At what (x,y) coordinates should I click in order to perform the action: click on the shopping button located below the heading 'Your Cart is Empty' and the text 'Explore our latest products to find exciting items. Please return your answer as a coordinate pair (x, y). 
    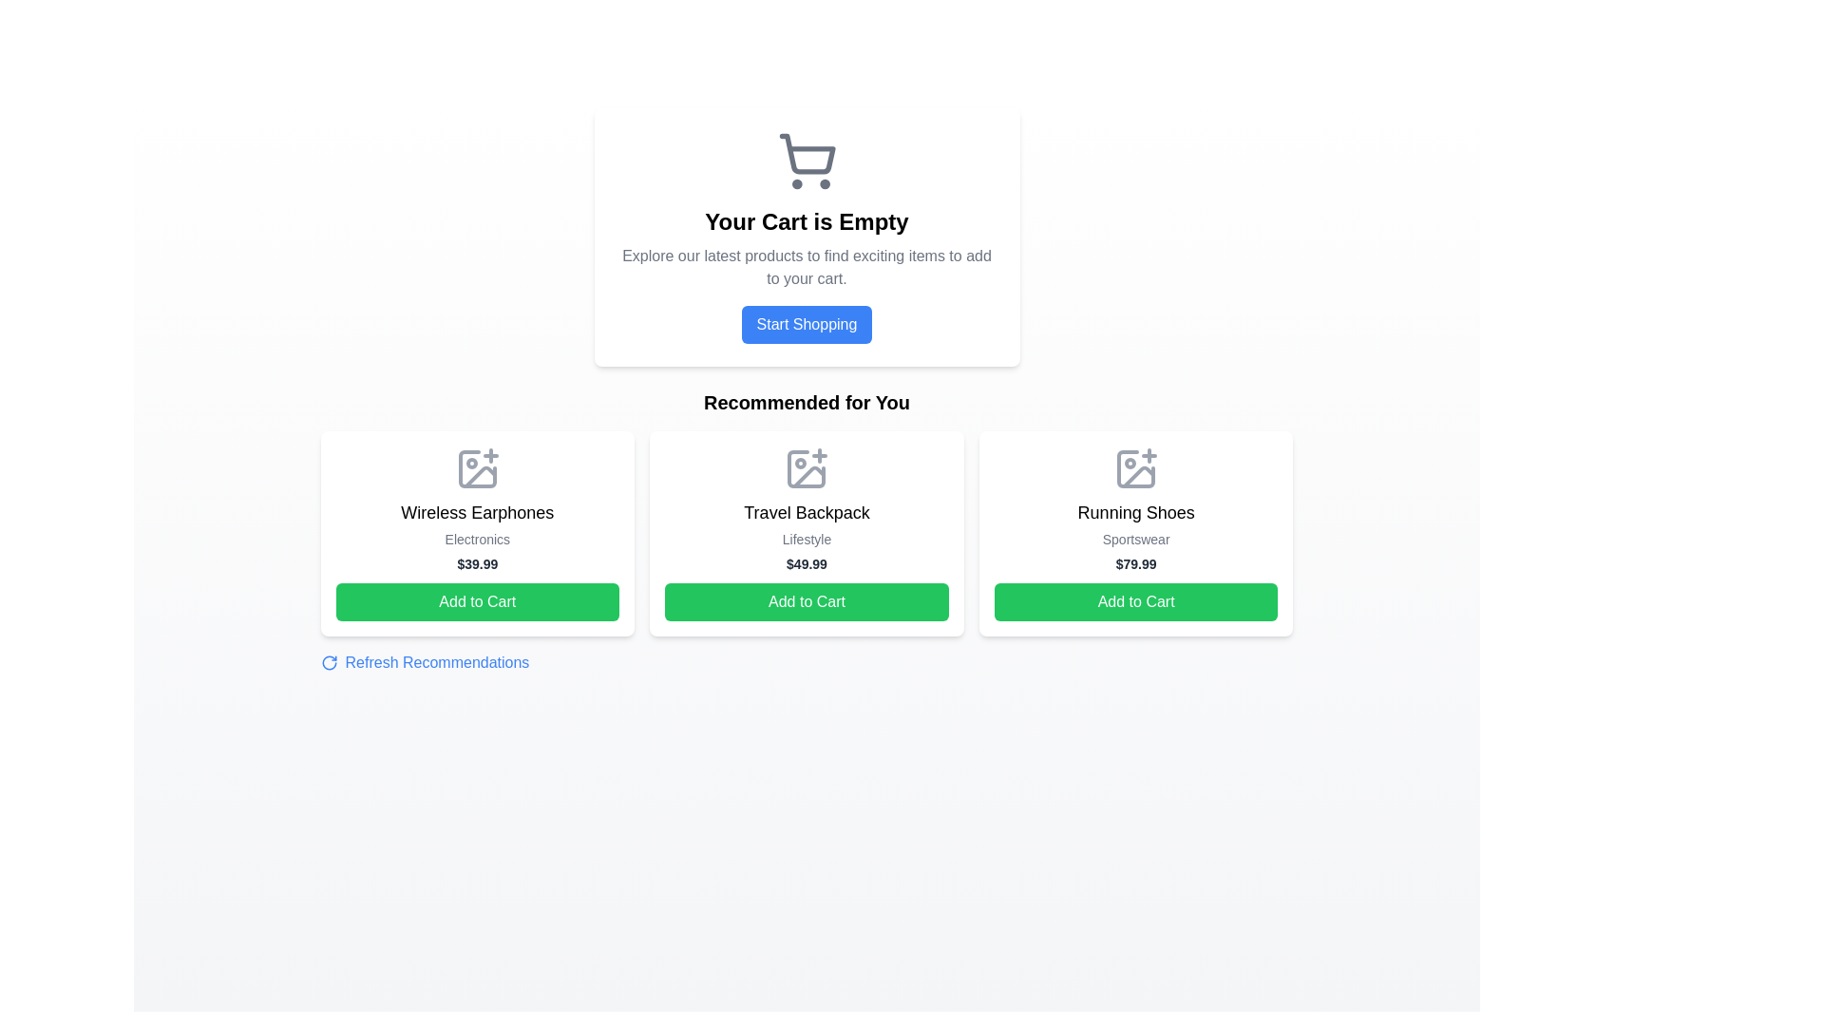
    Looking at the image, I should click on (807, 324).